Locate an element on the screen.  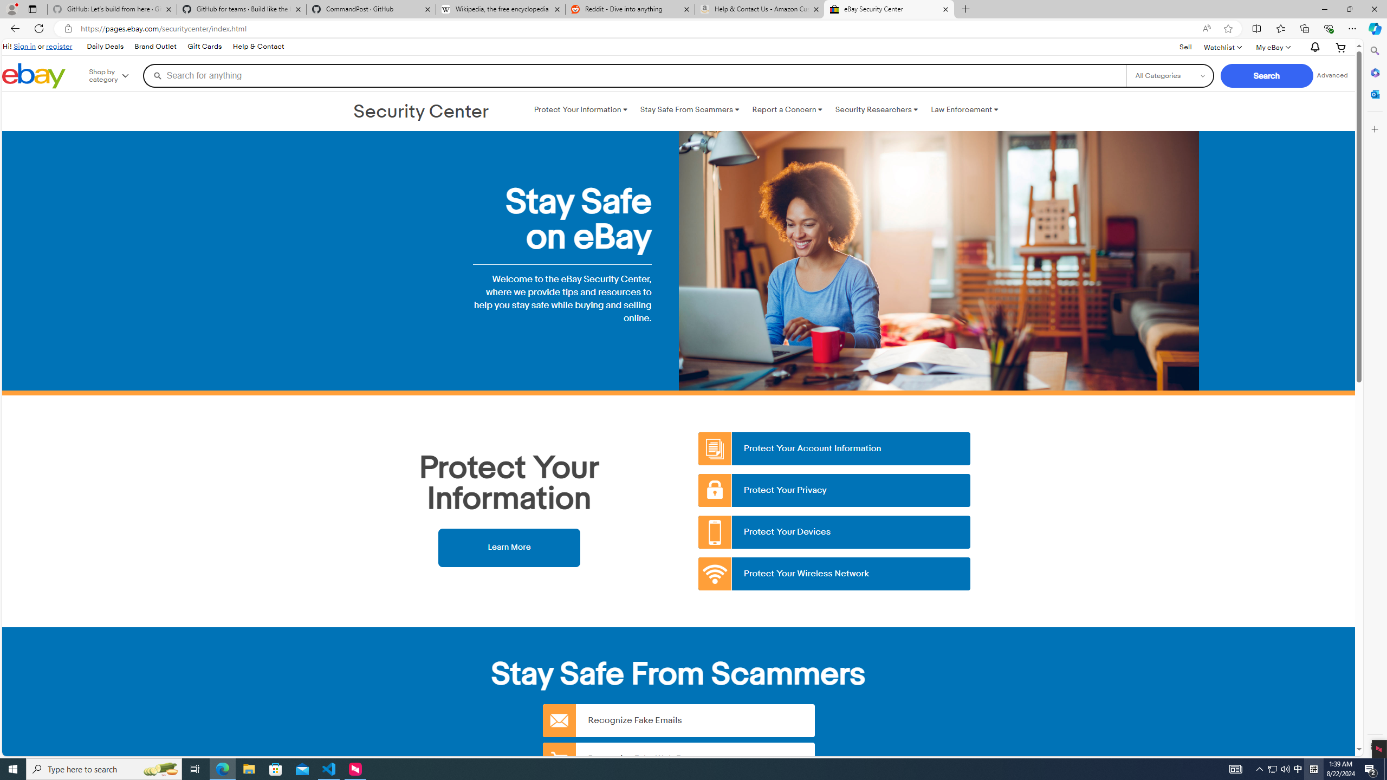
'Security Researchers ' is located at coordinates (876, 109).